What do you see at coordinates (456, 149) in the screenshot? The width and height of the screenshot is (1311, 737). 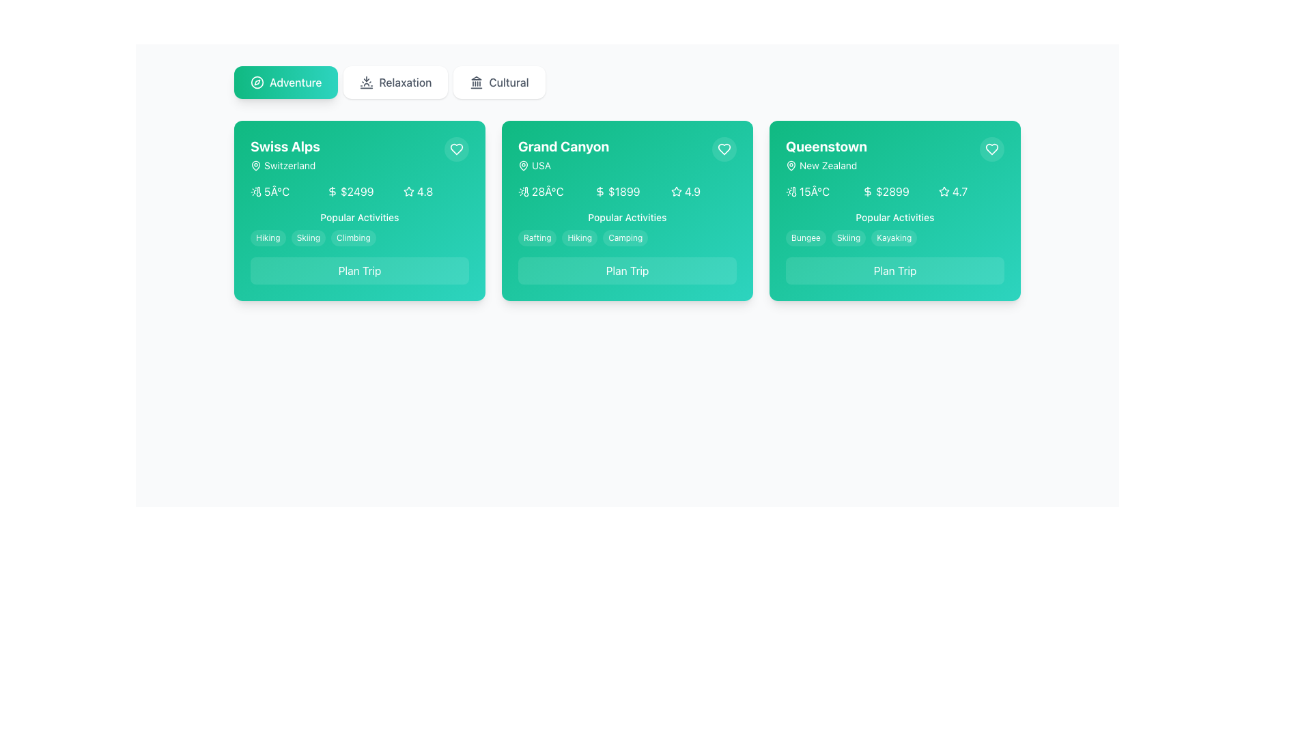 I see `the heart-shaped icon located at the top-right corner of the 'Swiss Alps' card` at bounding box center [456, 149].